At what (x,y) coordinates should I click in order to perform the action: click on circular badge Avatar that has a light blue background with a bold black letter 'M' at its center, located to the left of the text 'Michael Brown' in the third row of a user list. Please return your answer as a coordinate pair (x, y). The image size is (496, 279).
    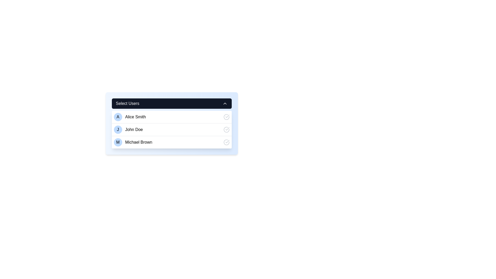
    Looking at the image, I should click on (118, 142).